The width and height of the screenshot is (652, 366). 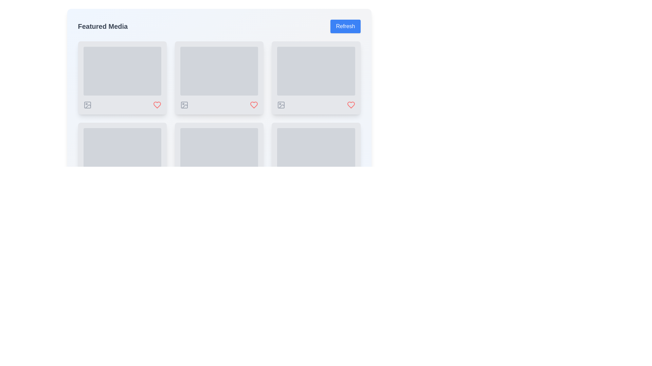 What do you see at coordinates (157, 105) in the screenshot?
I see `the heart-shaped icon toggle button` at bounding box center [157, 105].